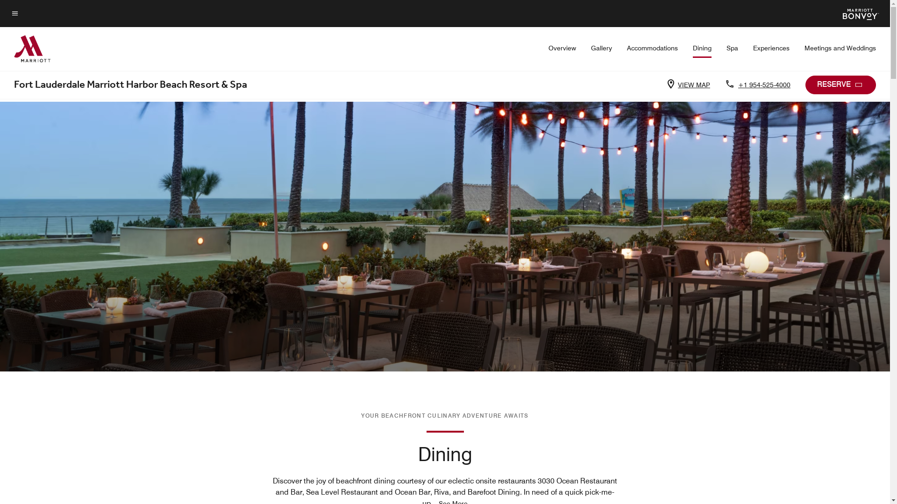 Image resolution: width=897 pixels, height=504 pixels. What do you see at coordinates (627, 48) in the screenshot?
I see `'Accommodations'` at bounding box center [627, 48].